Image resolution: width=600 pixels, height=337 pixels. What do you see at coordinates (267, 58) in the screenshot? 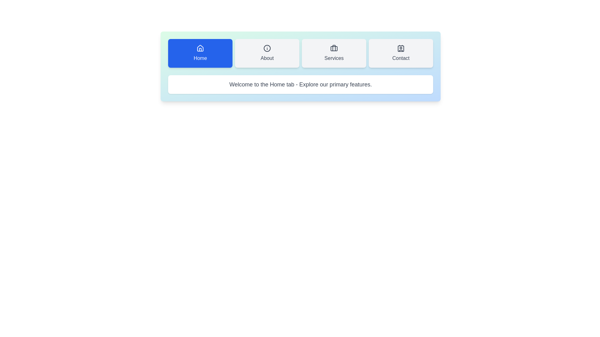
I see `the 'About' button located centrally near the top of the interface, which serves as the title for the 'About' section` at bounding box center [267, 58].